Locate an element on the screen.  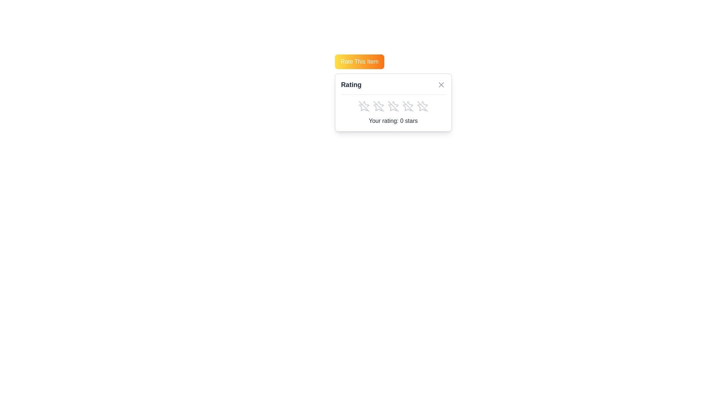
the 'Rating' text label, which is styled with bold and large font and appears at the top-left corner of a popup card is located at coordinates (351, 84).